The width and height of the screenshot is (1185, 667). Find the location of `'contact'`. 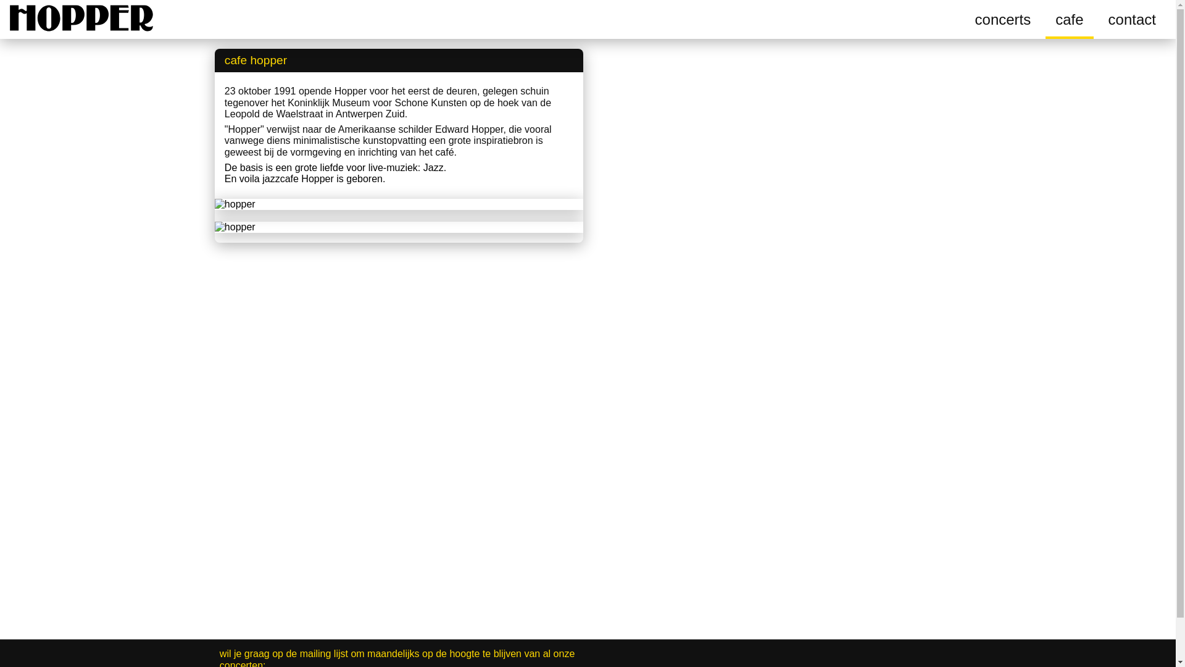

'contact' is located at coordinates (1099, 19).